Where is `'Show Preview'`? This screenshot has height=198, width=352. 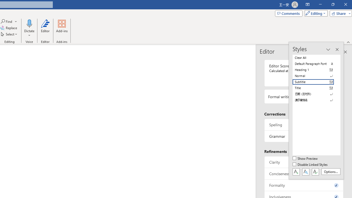 'Show Preview' is located at coordinates (305, 159).